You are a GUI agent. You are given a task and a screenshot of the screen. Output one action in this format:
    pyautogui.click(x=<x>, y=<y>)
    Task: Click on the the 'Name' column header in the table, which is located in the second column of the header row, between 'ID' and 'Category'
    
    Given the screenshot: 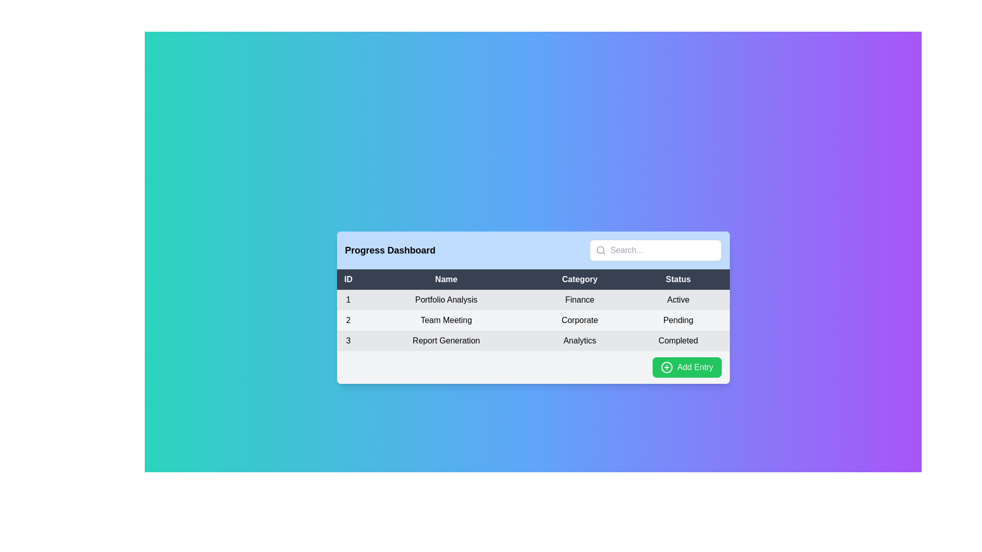 What is the action you would take?
    pyautogui.click(x=446, y=280)
    